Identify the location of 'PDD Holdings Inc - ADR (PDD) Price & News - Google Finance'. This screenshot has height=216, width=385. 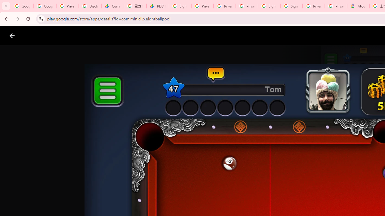
(158, 6).